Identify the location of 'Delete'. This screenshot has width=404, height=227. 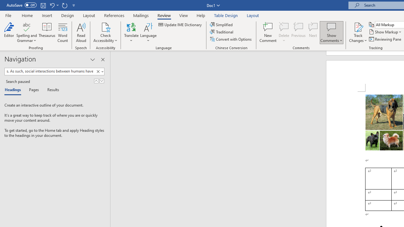
(284, 26).